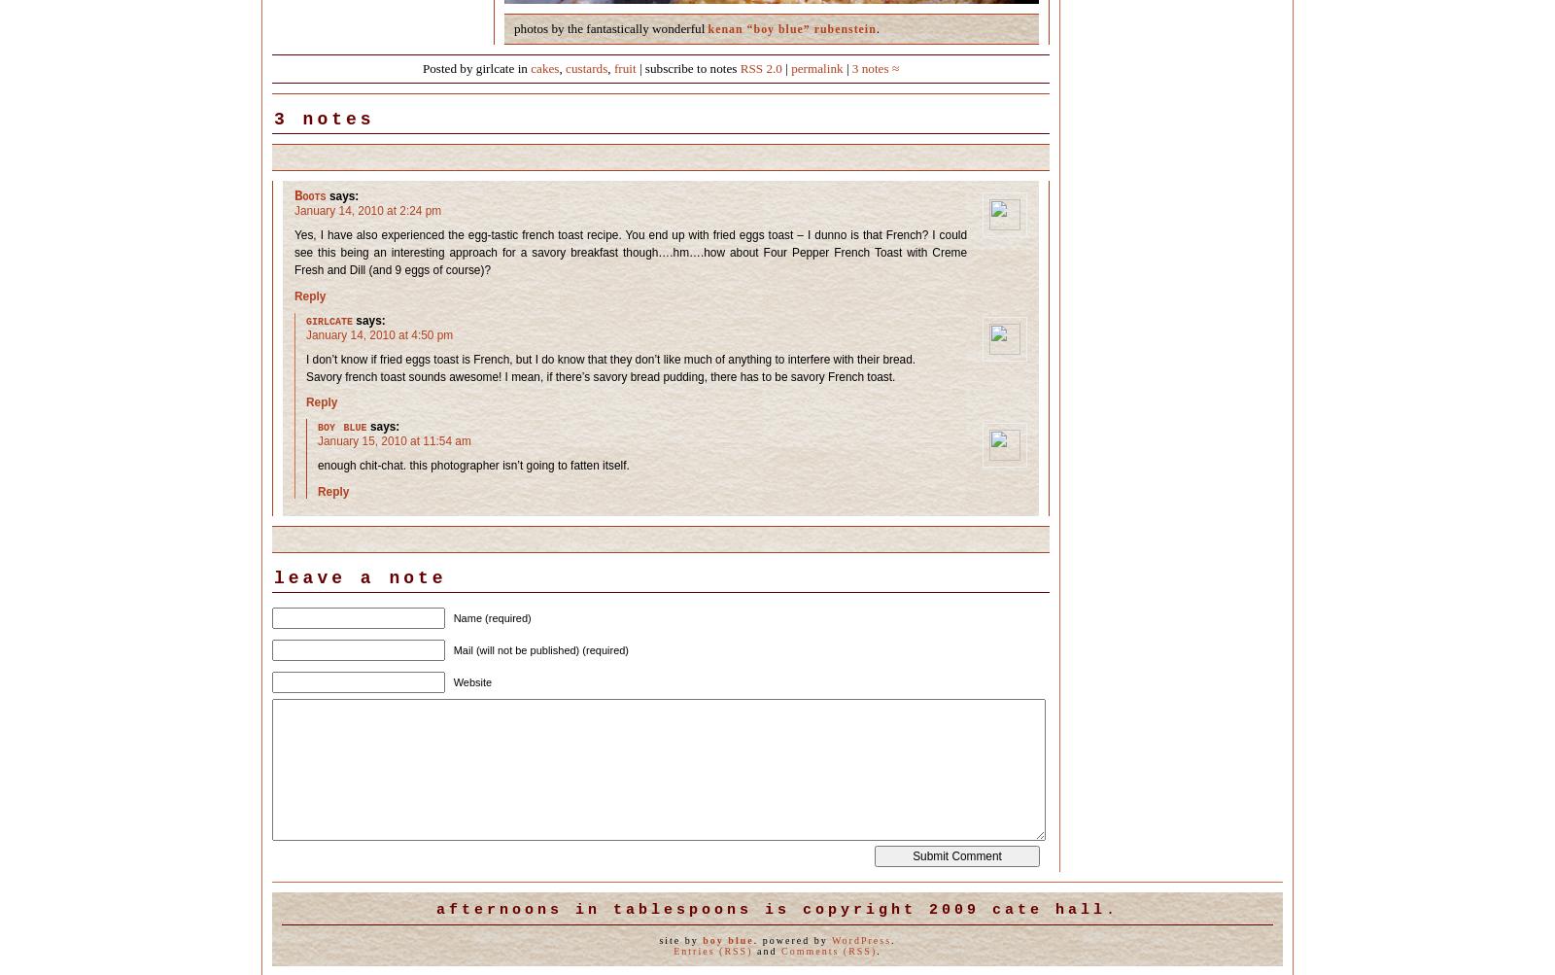  I want to click on 'custards', so click(565, 68).